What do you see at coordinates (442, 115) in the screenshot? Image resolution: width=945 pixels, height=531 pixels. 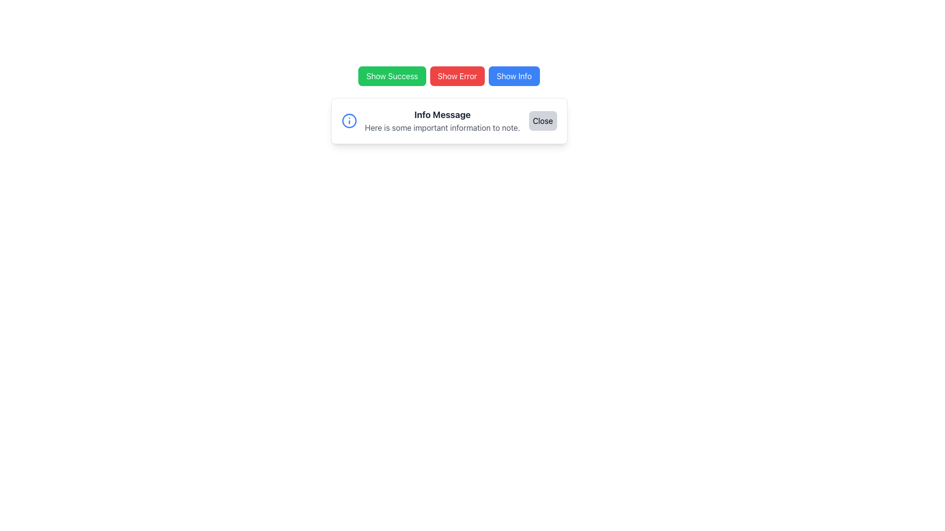 I see `the notification header that summarizes the notification's purpose, positioned at the top of the notification box` at bounding box center [442, 115].